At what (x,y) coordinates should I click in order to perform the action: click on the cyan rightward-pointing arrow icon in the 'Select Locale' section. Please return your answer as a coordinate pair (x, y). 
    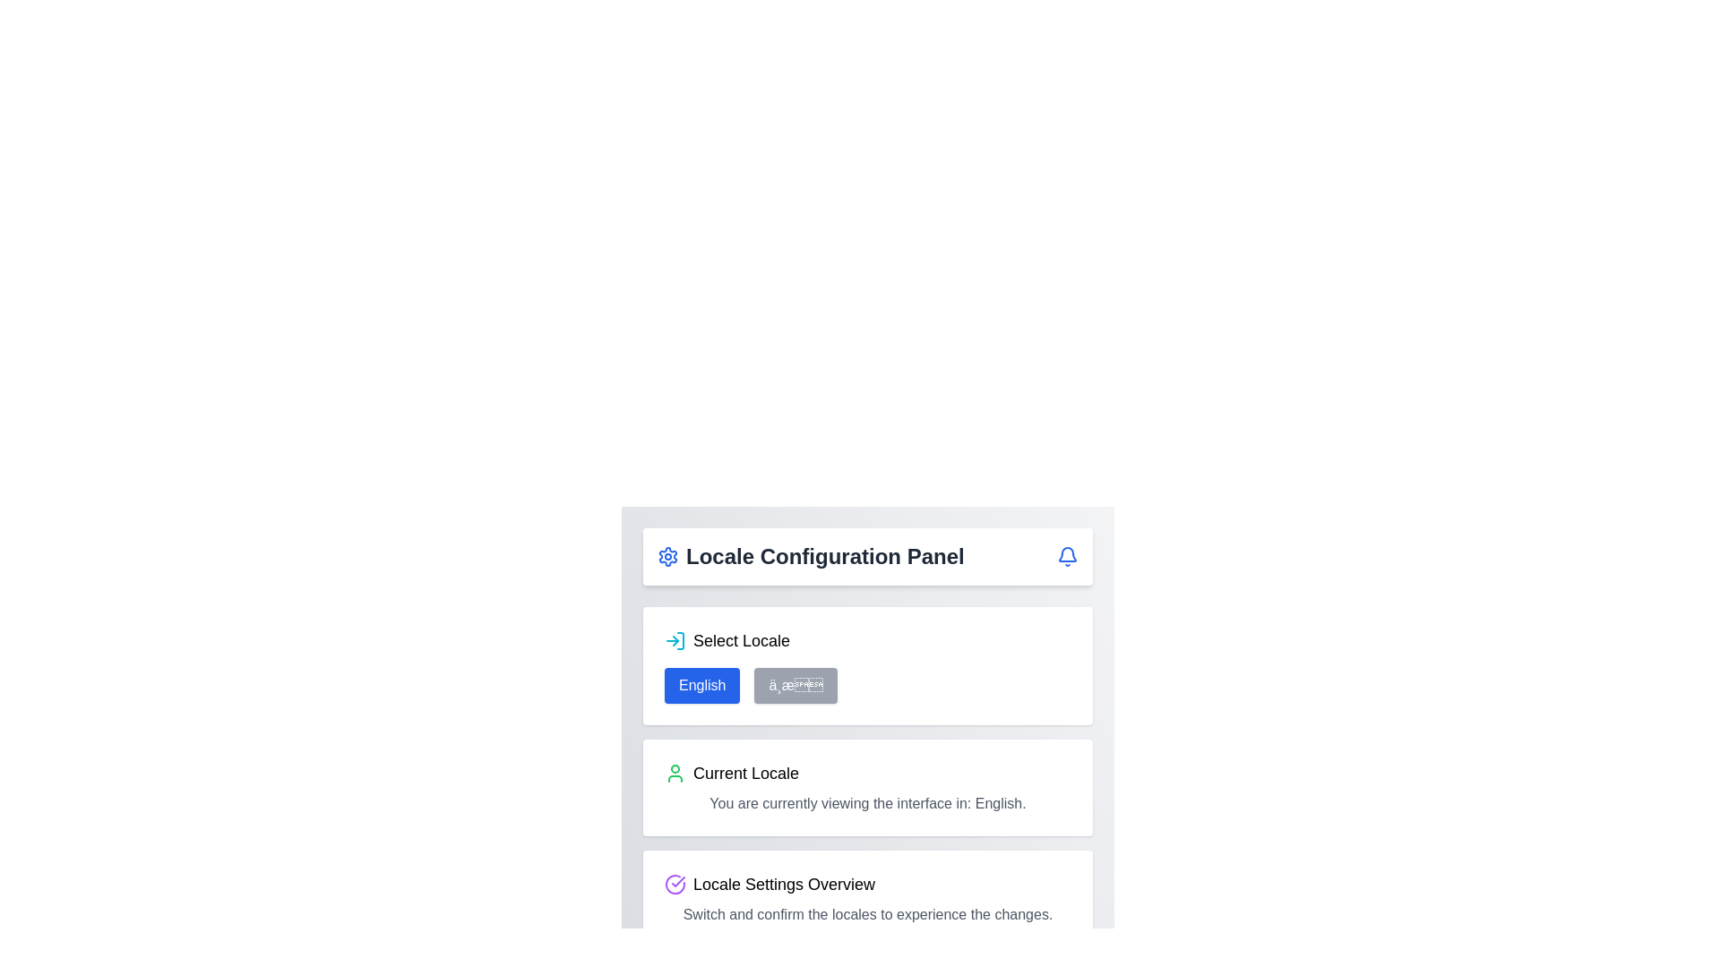
    Looking at the image, I should click on (674, 640).